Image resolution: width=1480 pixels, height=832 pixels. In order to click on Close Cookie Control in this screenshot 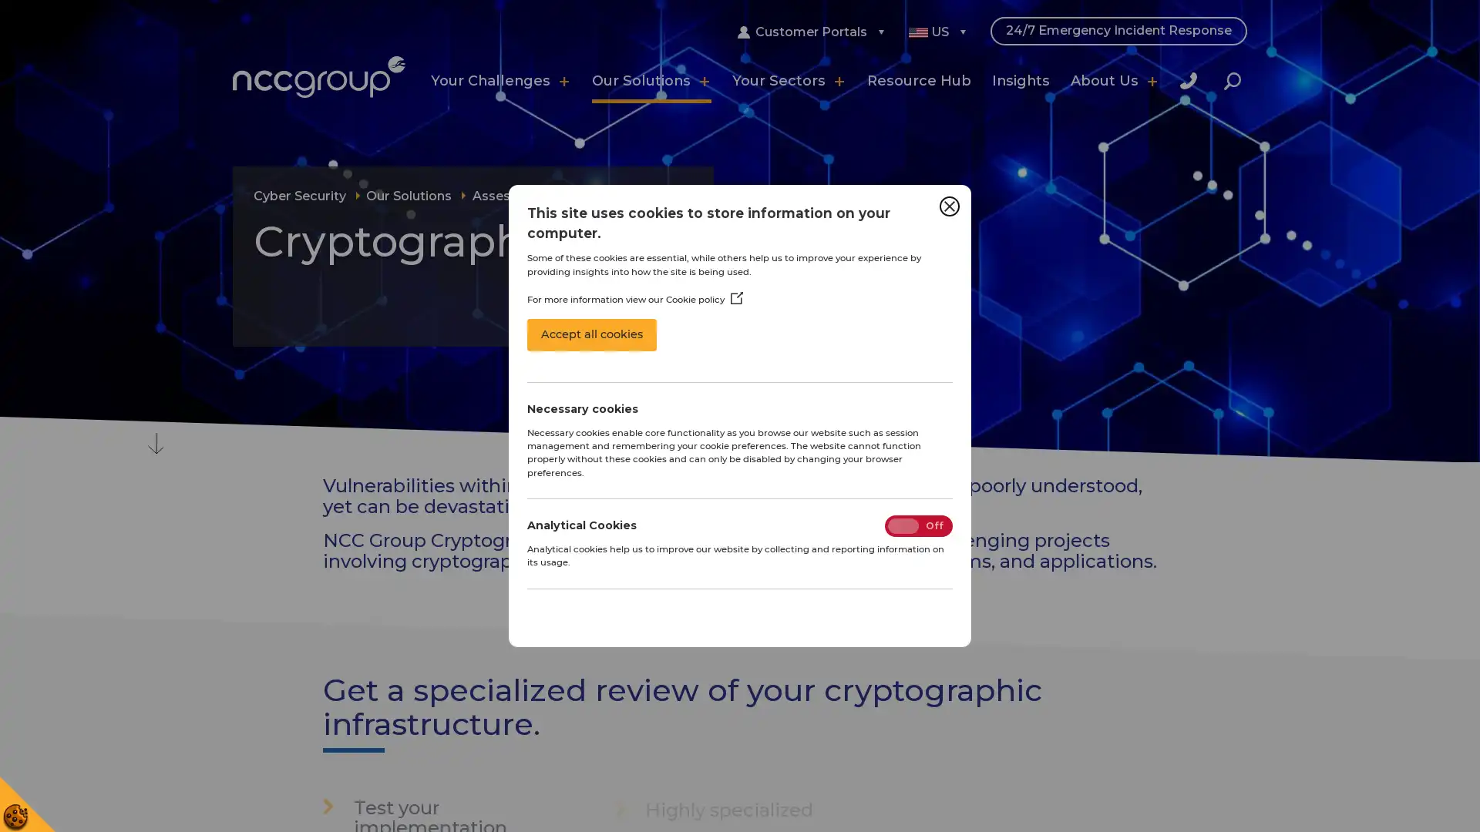, I will do `click(949, 205)`.